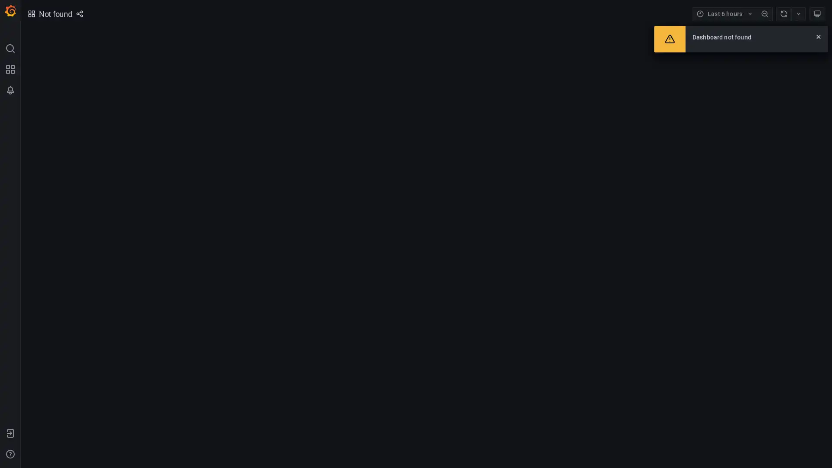 The image size is (832, 468). I want to click on Time range picker with current time range Last 6 hours selected, so click(725, 13).